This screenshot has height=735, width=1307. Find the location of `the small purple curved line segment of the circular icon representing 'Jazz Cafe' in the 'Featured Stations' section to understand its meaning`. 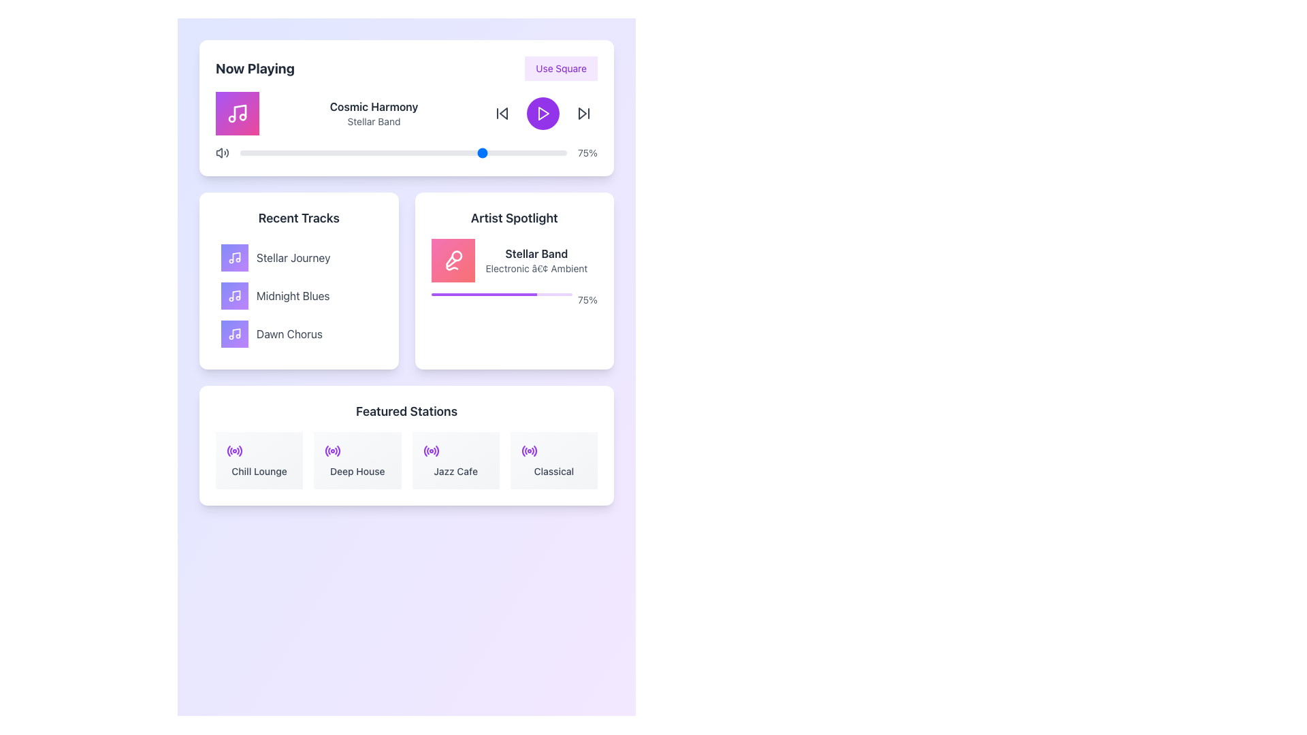

the small purple curved line segment of the circular icon representing 'Jazz Cafe' in the 'Featured Stations' section to understand its meaning is located at coordinates (424, 451).